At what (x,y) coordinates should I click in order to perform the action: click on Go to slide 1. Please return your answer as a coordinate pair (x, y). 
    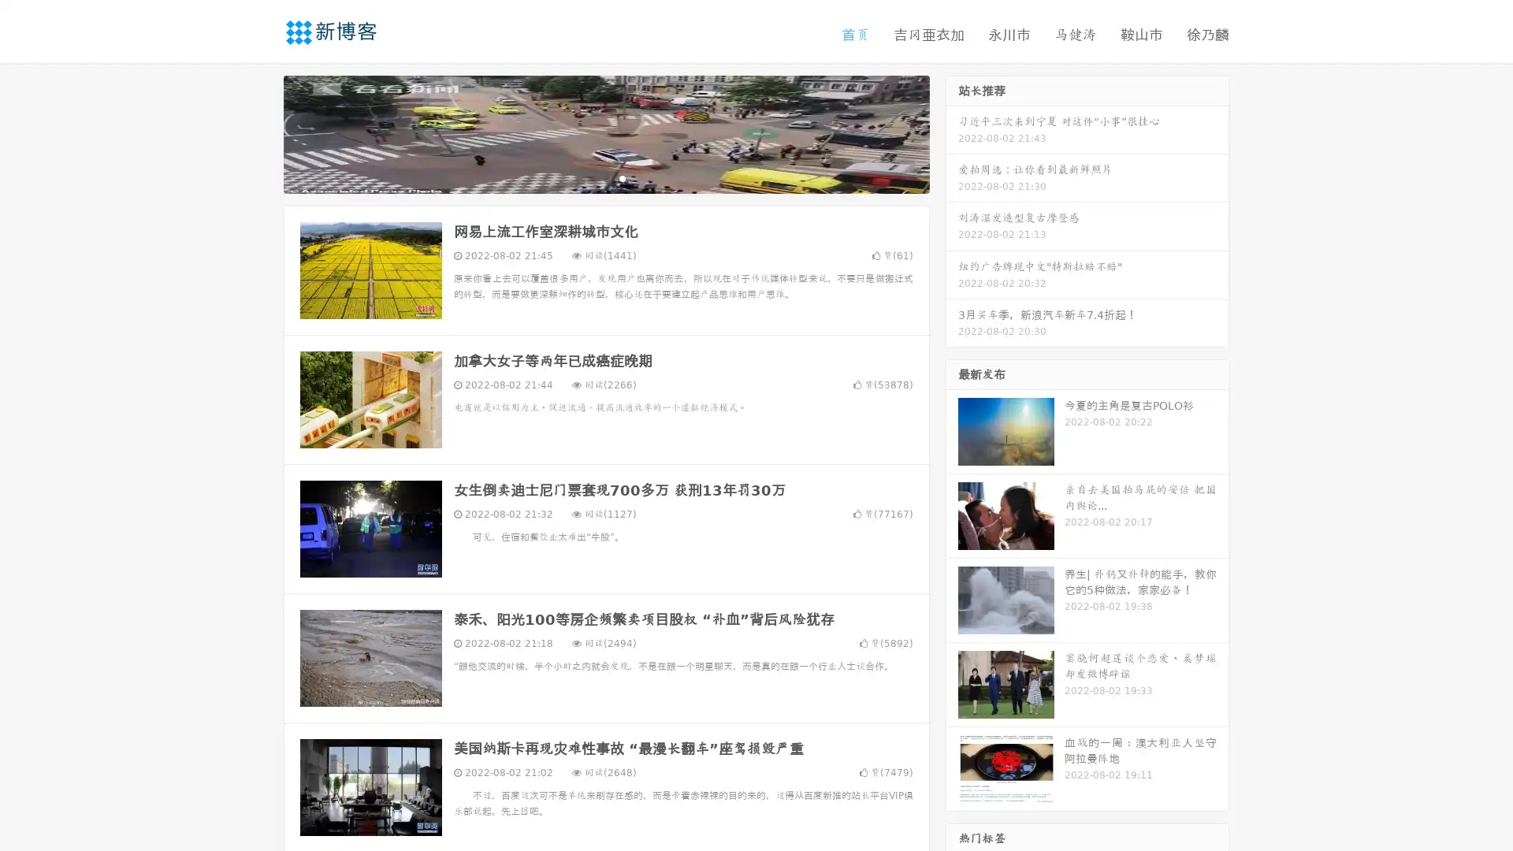
    Looking at the image, I should click on (589, 177).